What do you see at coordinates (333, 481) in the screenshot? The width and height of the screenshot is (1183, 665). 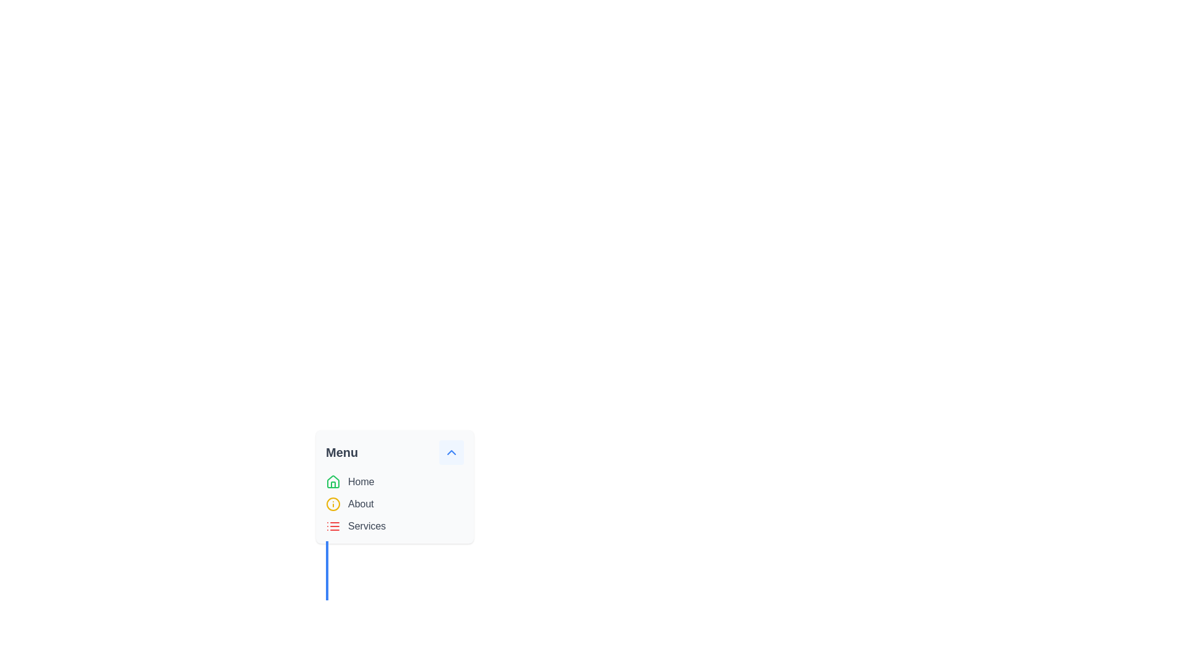 I see `the 'Home' menu item icon located in the upper part of the menu dropdown` at bounding box center [333, 481].